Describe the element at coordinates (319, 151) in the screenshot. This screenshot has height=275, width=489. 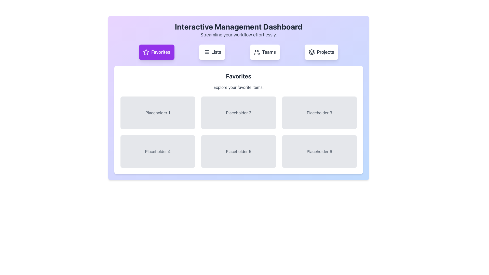
I see `textual content of the text label displaying 'Placeholder 6' styled in gray font, located in the bottom-right card of a grid` at that location.